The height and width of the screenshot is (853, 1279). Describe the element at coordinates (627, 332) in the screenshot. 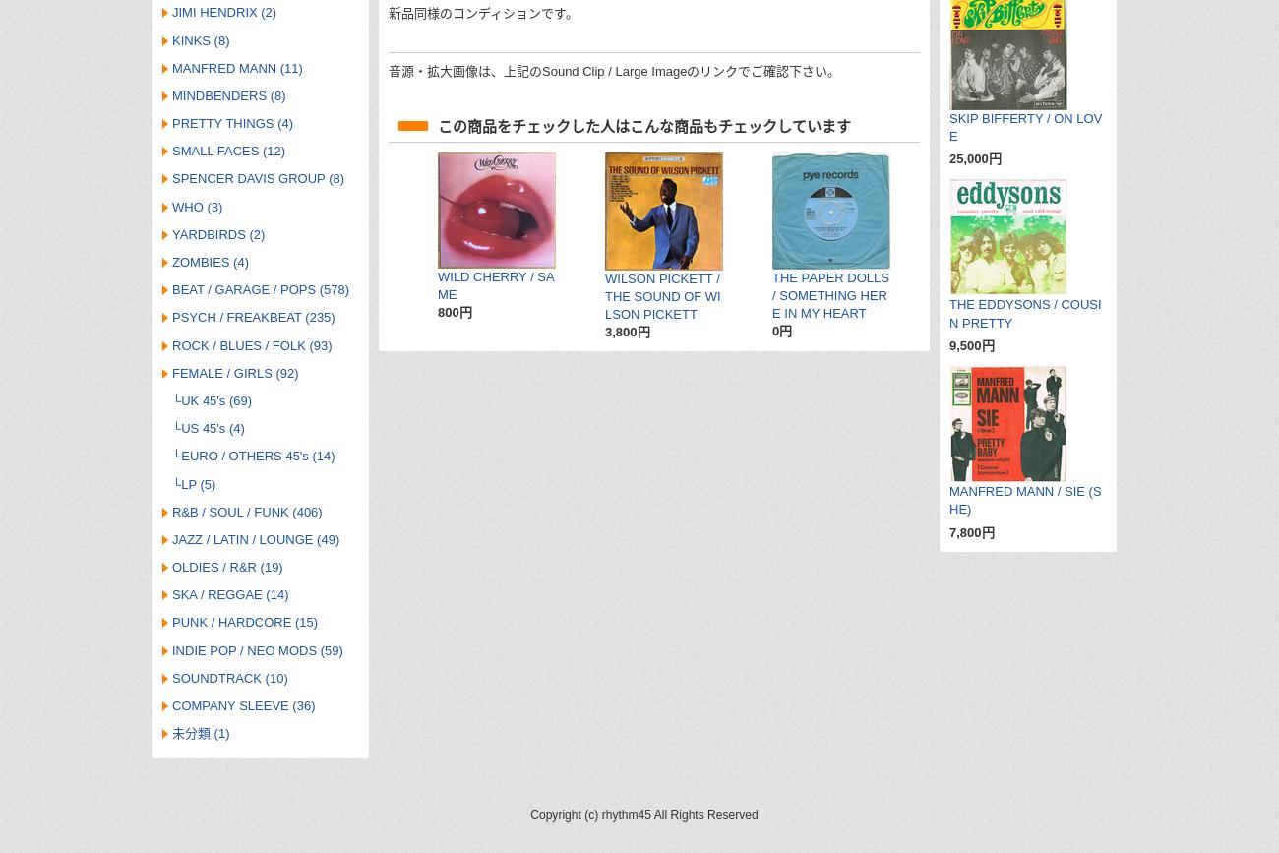

I see `'3,800円'` at that location.